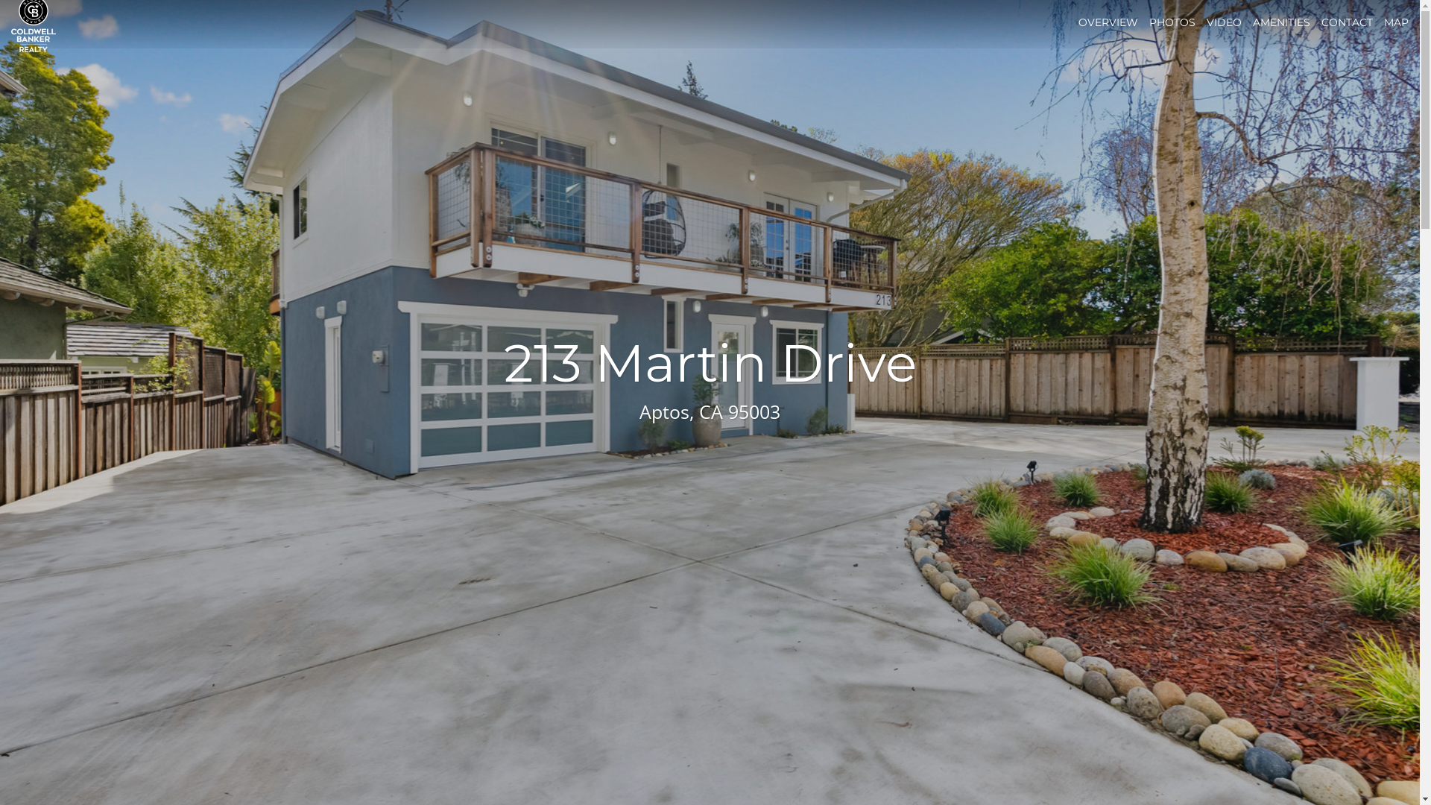  I want to click on 'PHOTOS', so click(1172, 22).